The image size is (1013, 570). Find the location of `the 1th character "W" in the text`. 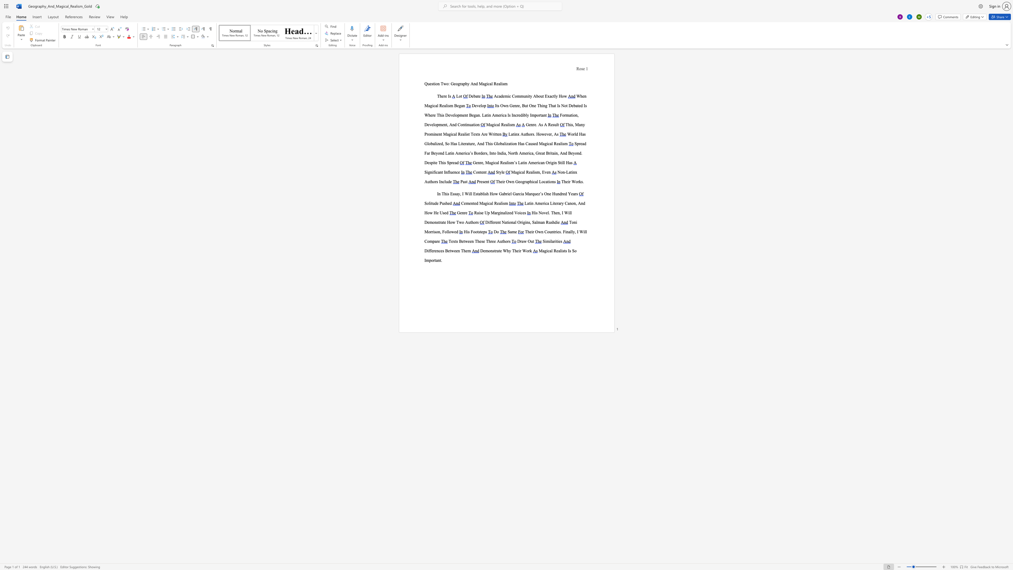

the 1th character "W" in the text is located at coordinates (578, 96).